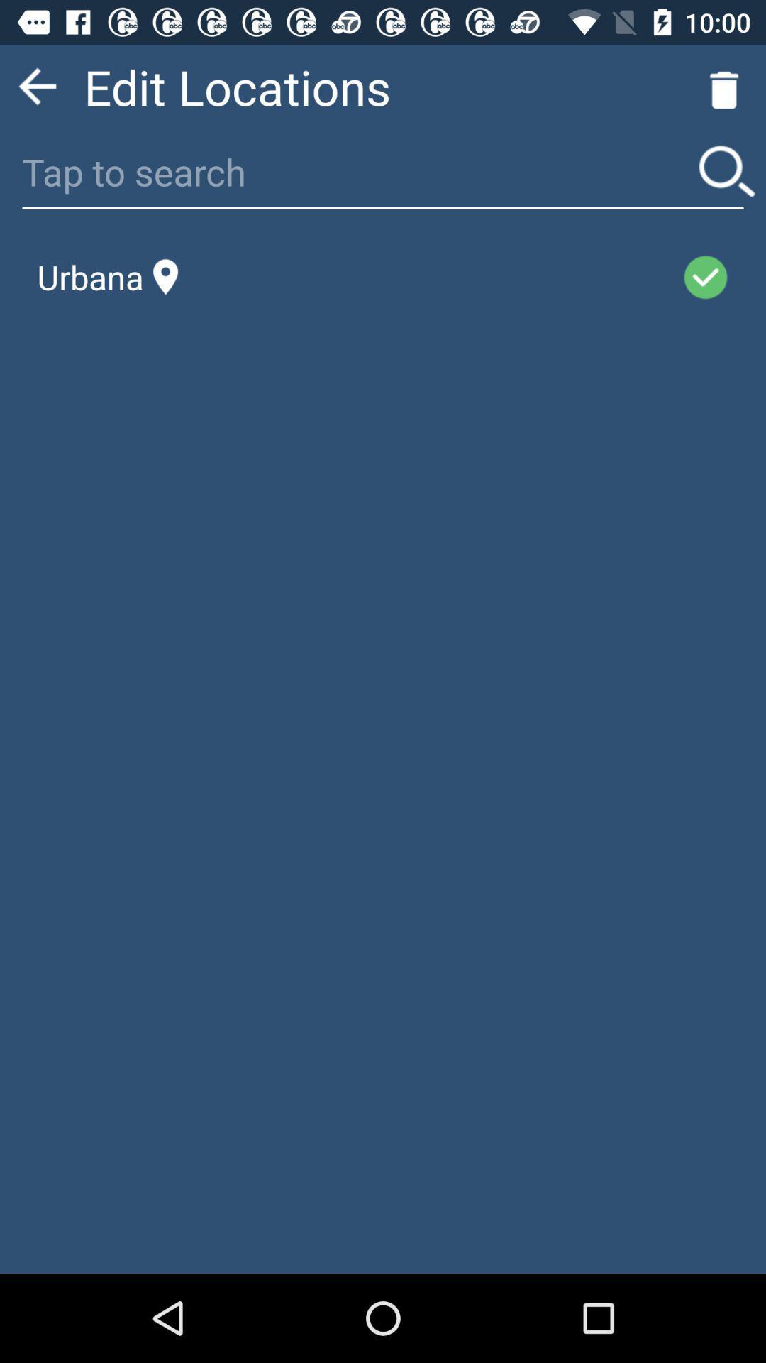 Image resolution: width=766 pixels, height=1363 pixels. Describe the element at coordinates (429, 277) in the screenshot. I see `the icon to the right of the urbana item` at that location.